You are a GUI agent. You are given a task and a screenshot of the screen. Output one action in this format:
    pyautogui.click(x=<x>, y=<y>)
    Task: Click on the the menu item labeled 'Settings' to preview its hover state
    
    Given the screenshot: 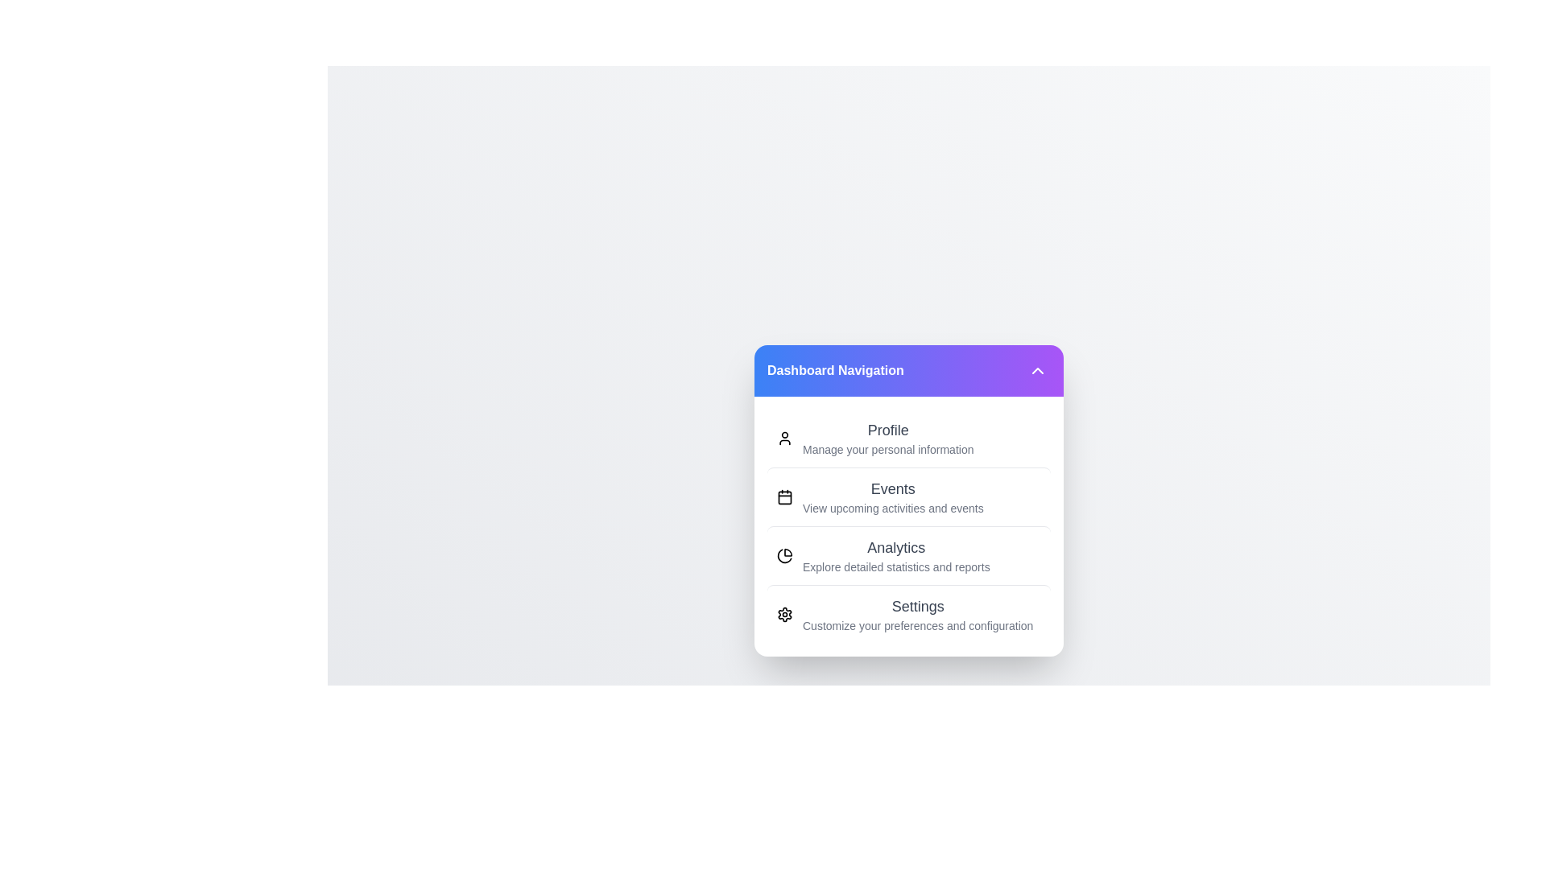 What is the action you would take?
    pyautogui.click(x=908, y=614)
    